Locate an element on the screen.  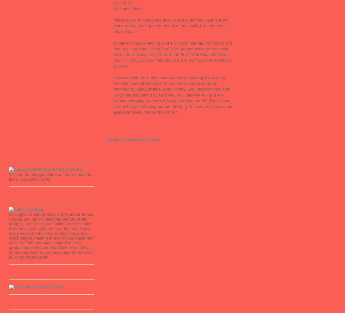
'4.23.2015' is located at coordinates (122, 2).